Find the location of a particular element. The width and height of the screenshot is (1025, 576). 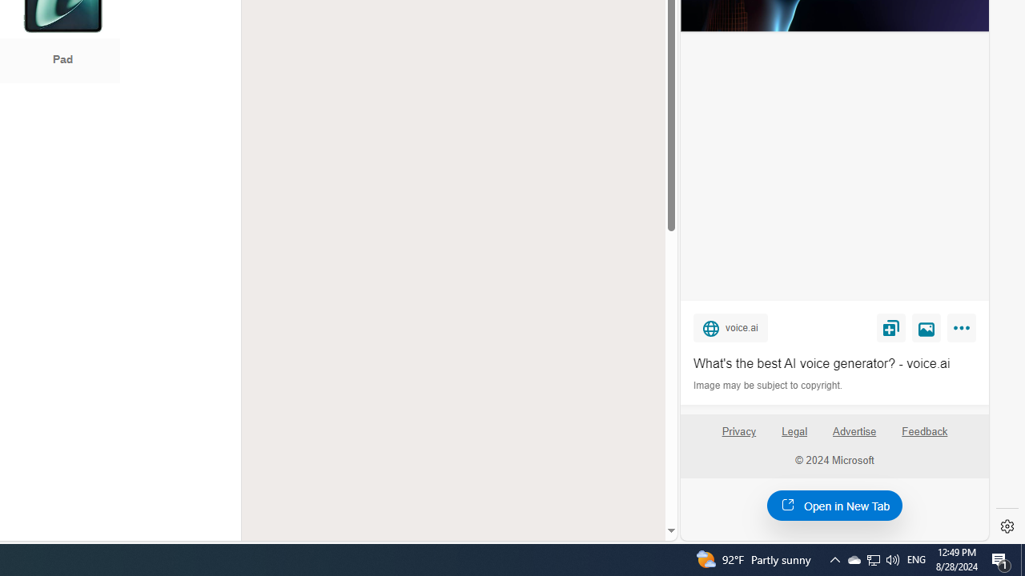

'Legal' is located at coordinates (794, 438).